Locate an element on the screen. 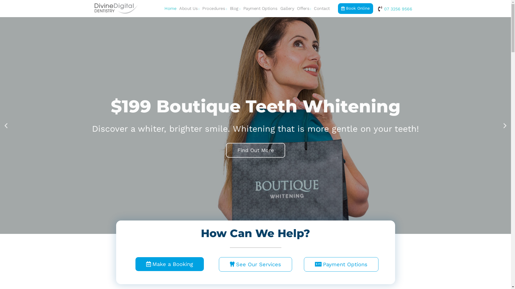 The width and height of the screenshot is (515, 289). 'Blog' is located at coordinates (235, 8).